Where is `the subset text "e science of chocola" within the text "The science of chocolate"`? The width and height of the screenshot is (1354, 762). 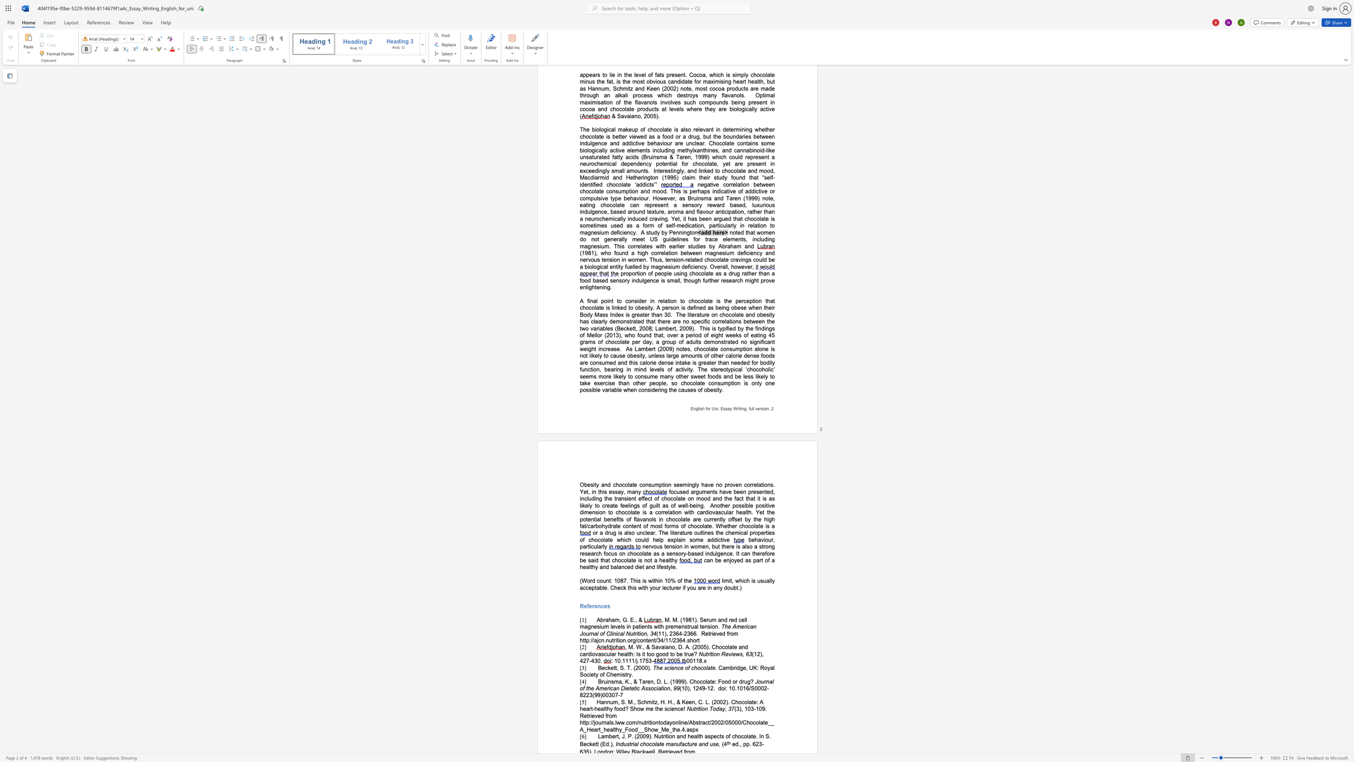
the subset text "e science of chocola" within the text "The science of chocolate" is located at coordinates (659, 667).